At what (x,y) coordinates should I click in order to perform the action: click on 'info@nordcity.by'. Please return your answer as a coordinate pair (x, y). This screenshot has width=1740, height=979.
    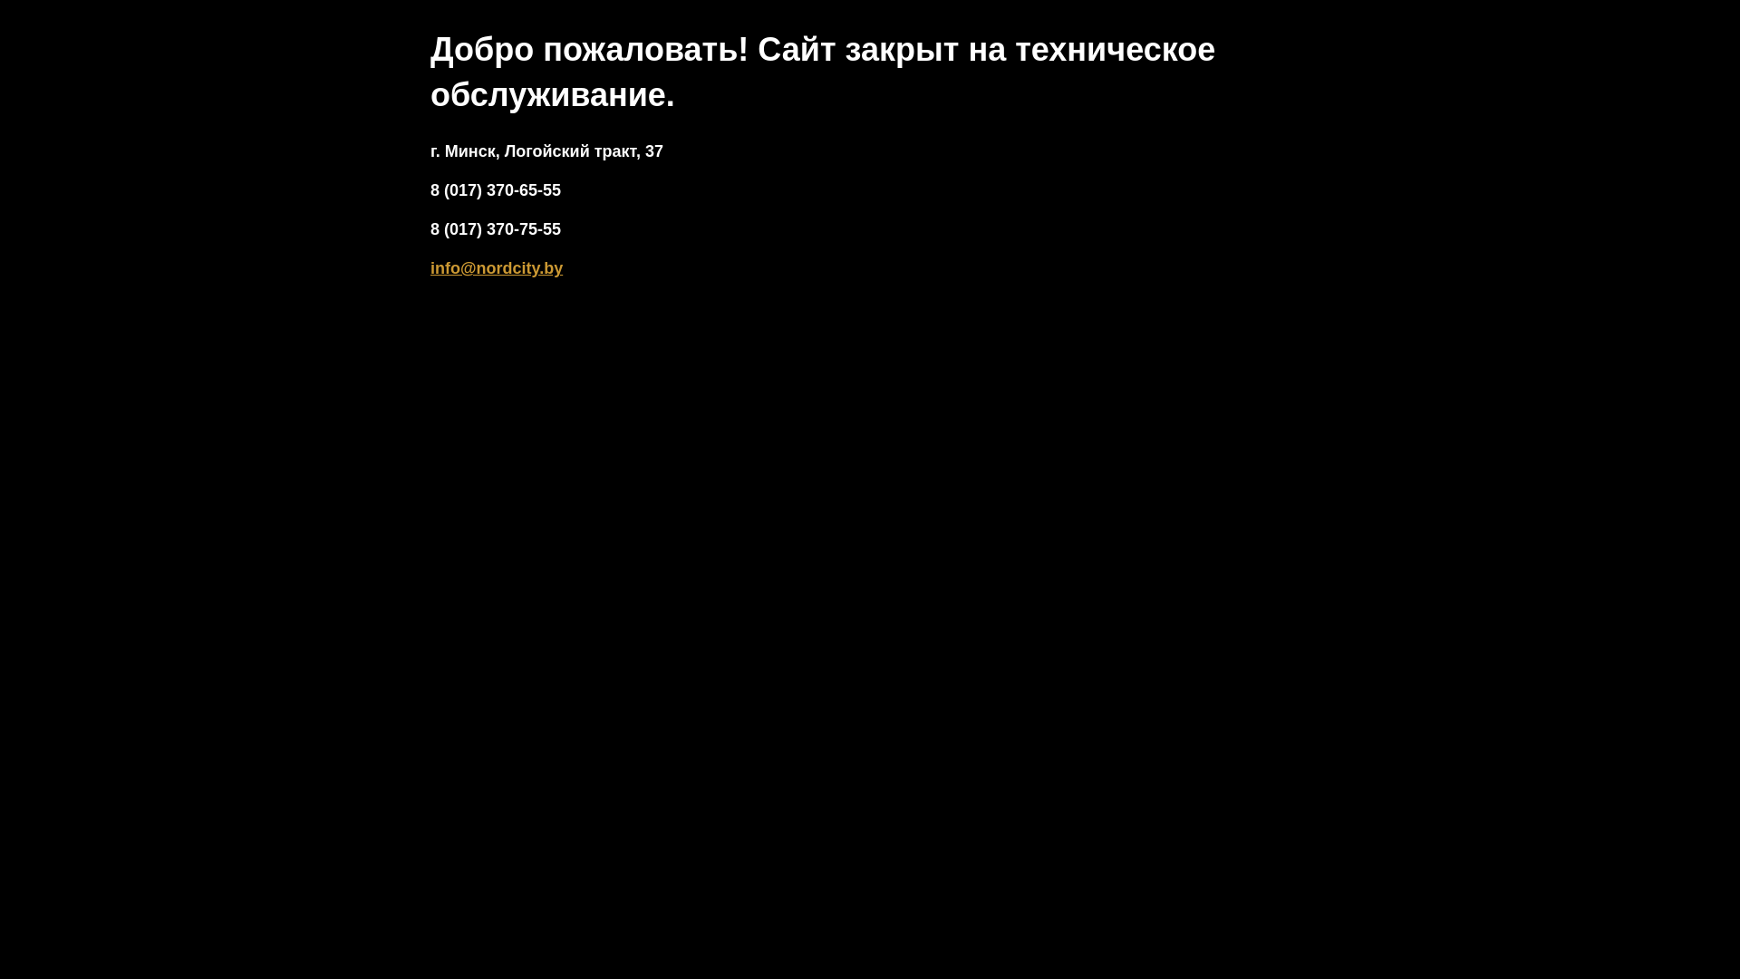
    Looking at the image, I should click on (496, 268).